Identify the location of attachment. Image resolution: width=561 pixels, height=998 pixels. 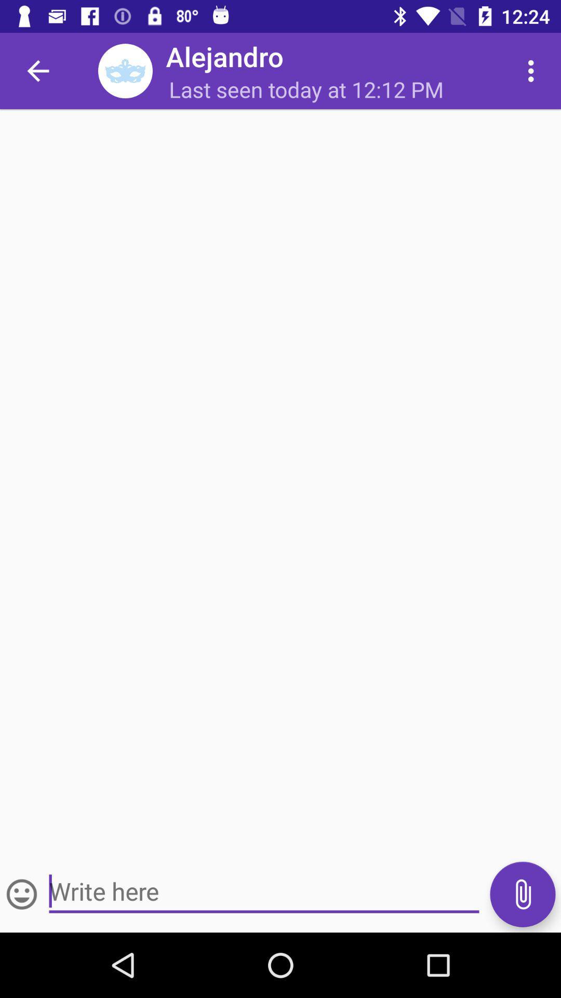
(523, 894).